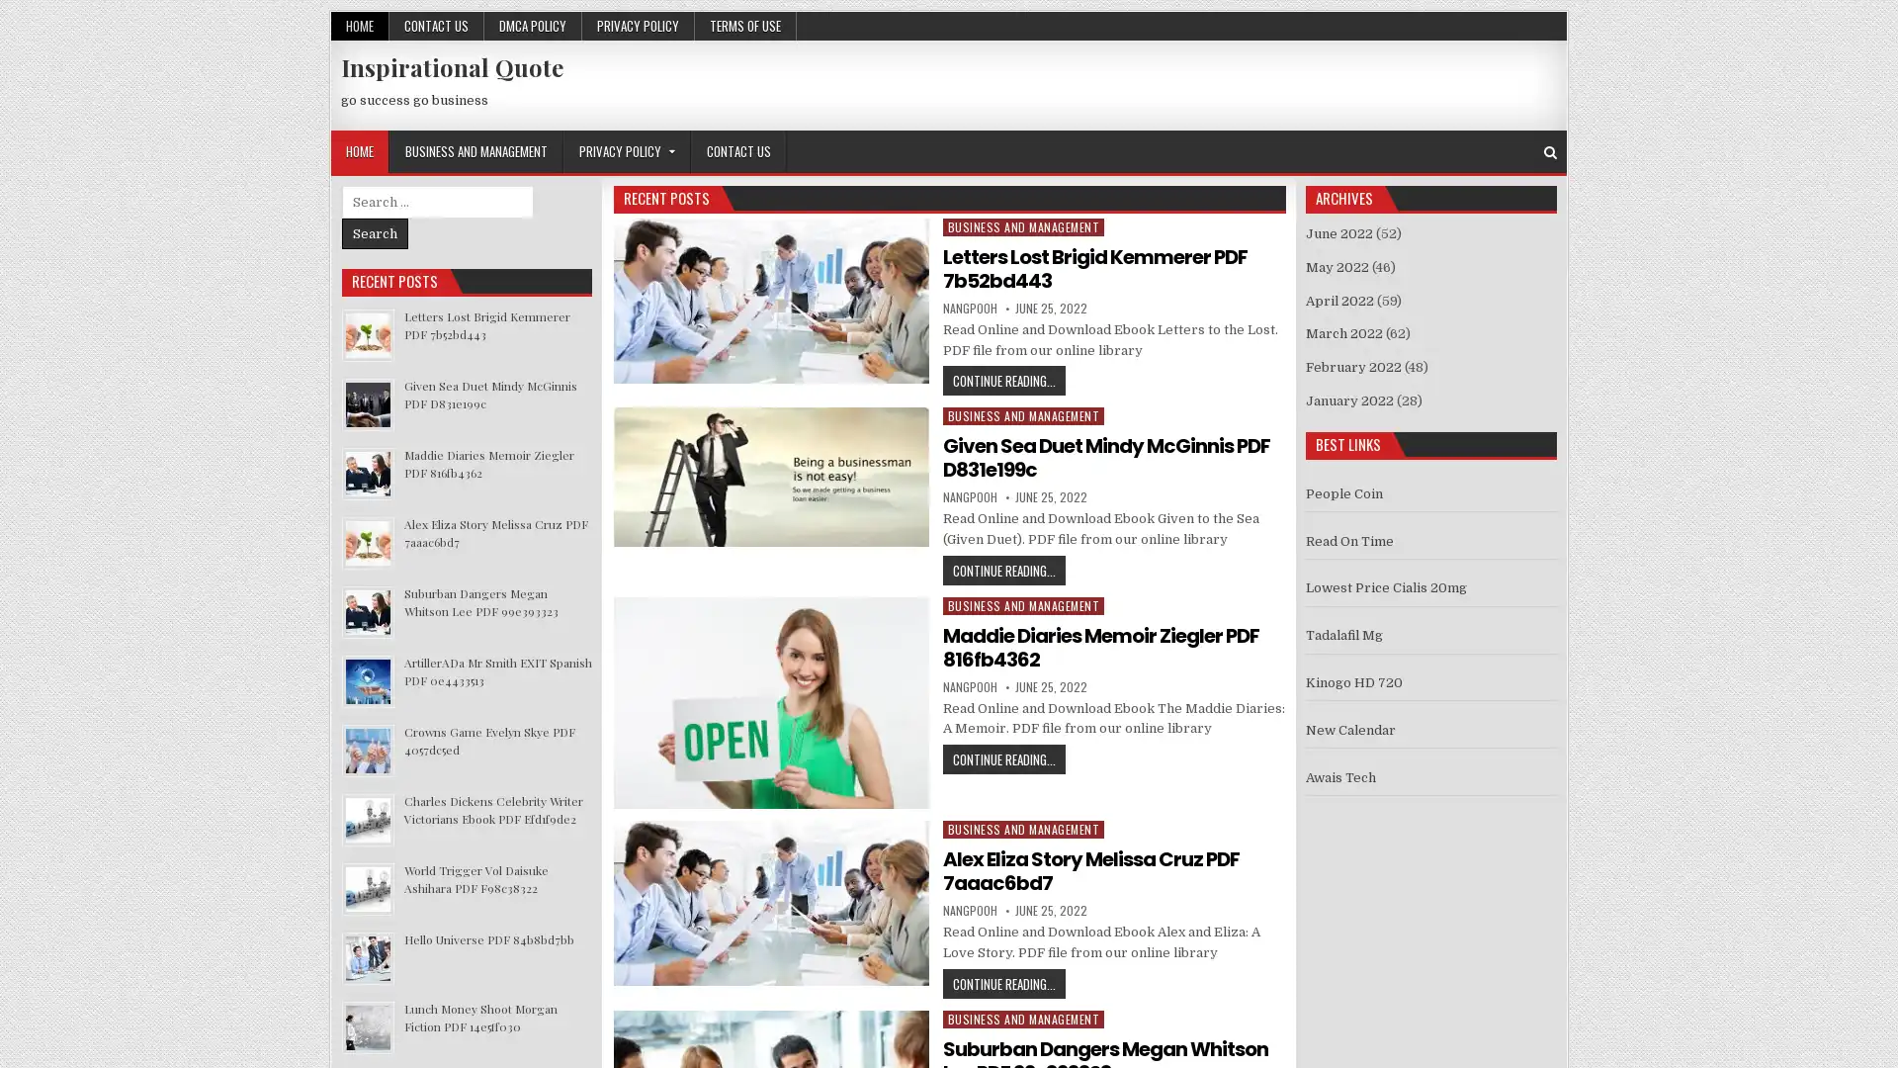 The image size is (1898, 1068). I want to click on Search, so click(374, 232).